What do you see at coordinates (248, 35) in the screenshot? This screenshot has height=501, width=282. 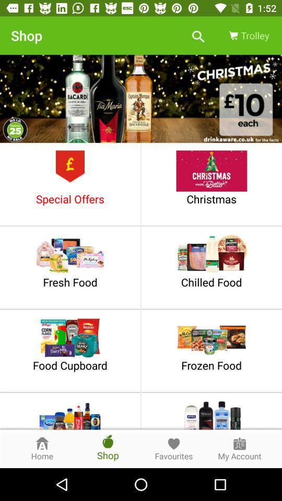 I see `the trolley` at bounding box center [248, 35].